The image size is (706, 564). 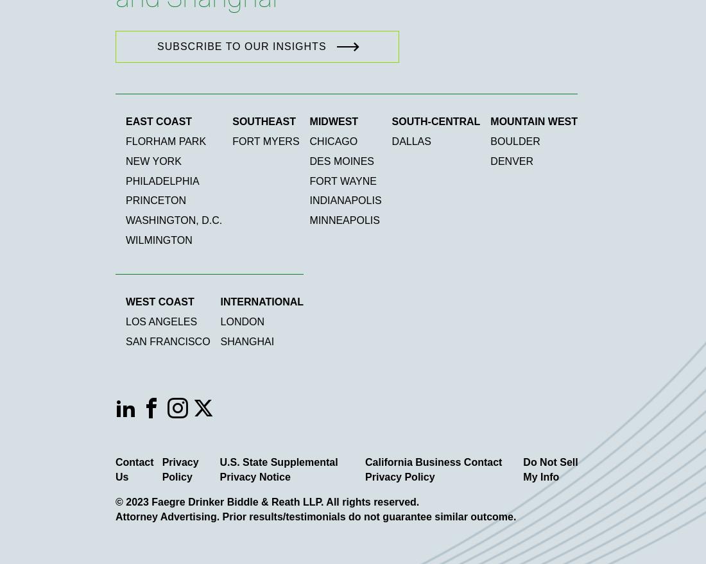 I want to click on 'San Francisco', so click(x=168, y=341).